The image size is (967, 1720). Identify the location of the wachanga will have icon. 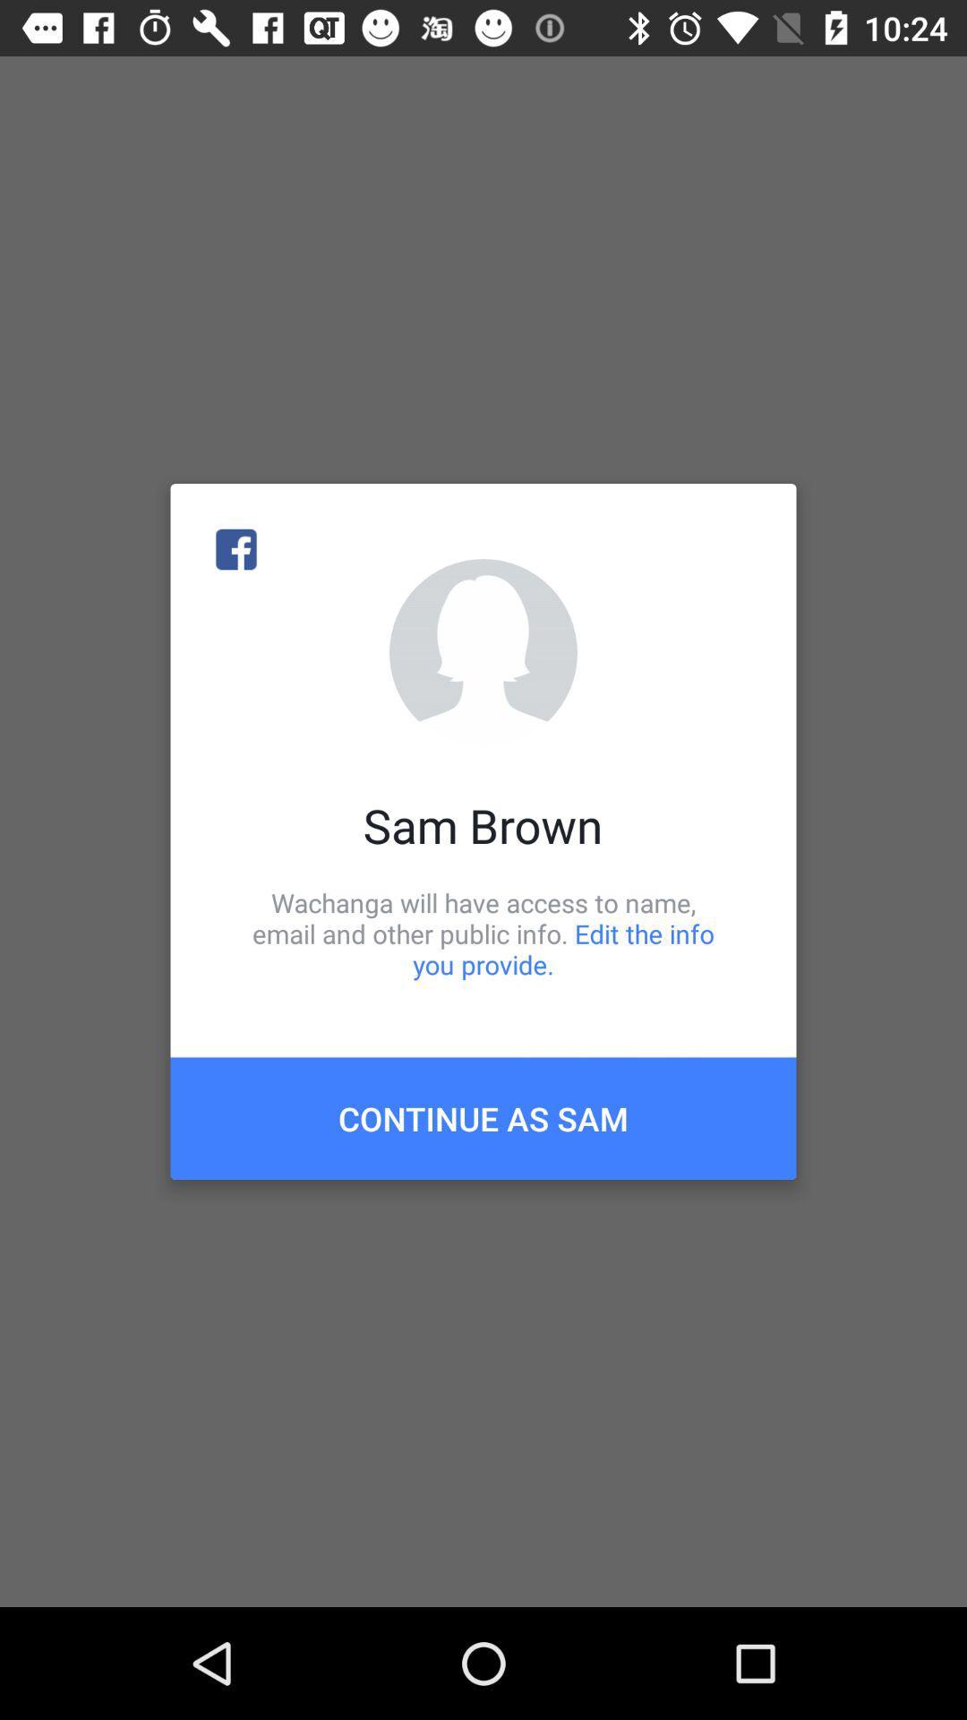
(483, 933).